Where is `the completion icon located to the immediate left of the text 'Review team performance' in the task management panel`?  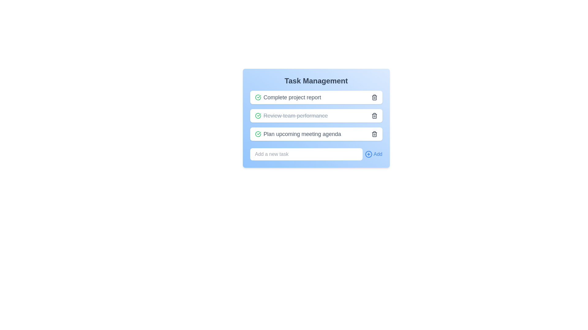
the completion icon located to the immediate left of the text 'Review team performance' in the task management panel is located at coordinates (258, 116).